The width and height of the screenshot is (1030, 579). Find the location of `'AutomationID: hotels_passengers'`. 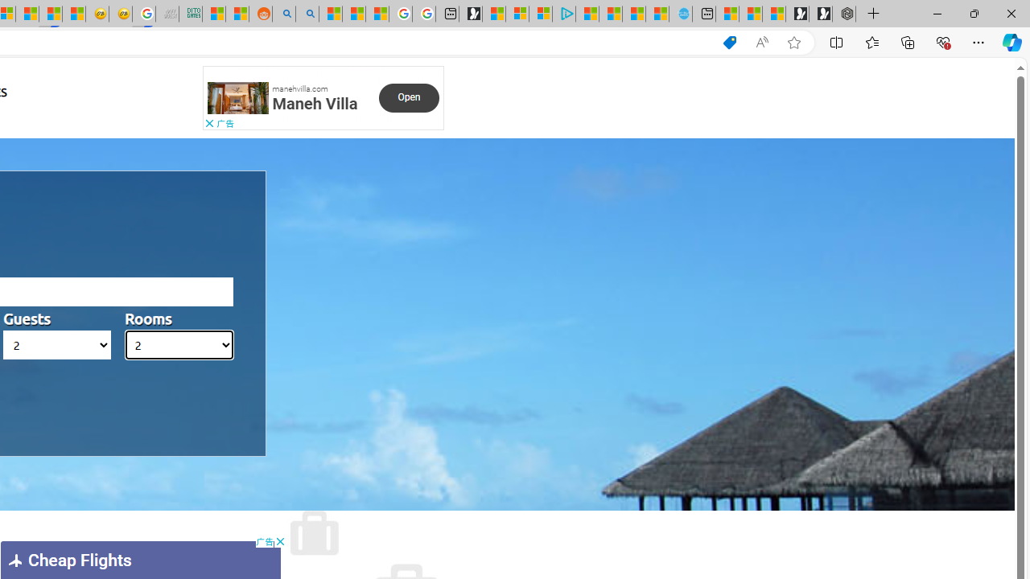

'AutomationID: hotels_passengers' is located at coordinates (57, 344).